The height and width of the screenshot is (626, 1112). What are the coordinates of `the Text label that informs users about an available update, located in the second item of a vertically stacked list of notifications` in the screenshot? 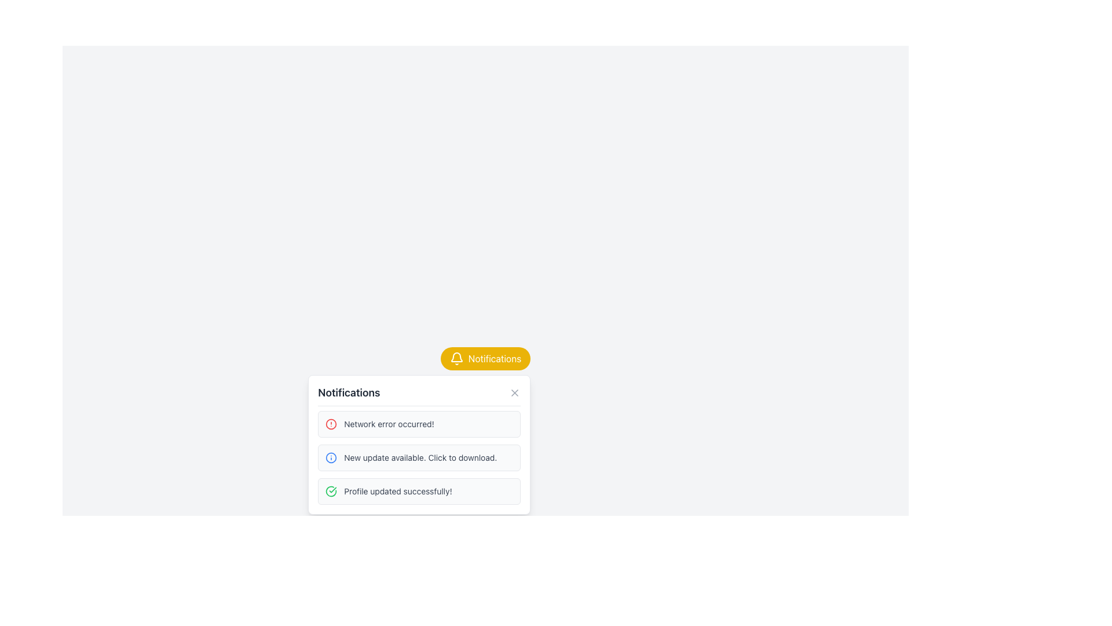 It's located at (420, 457).